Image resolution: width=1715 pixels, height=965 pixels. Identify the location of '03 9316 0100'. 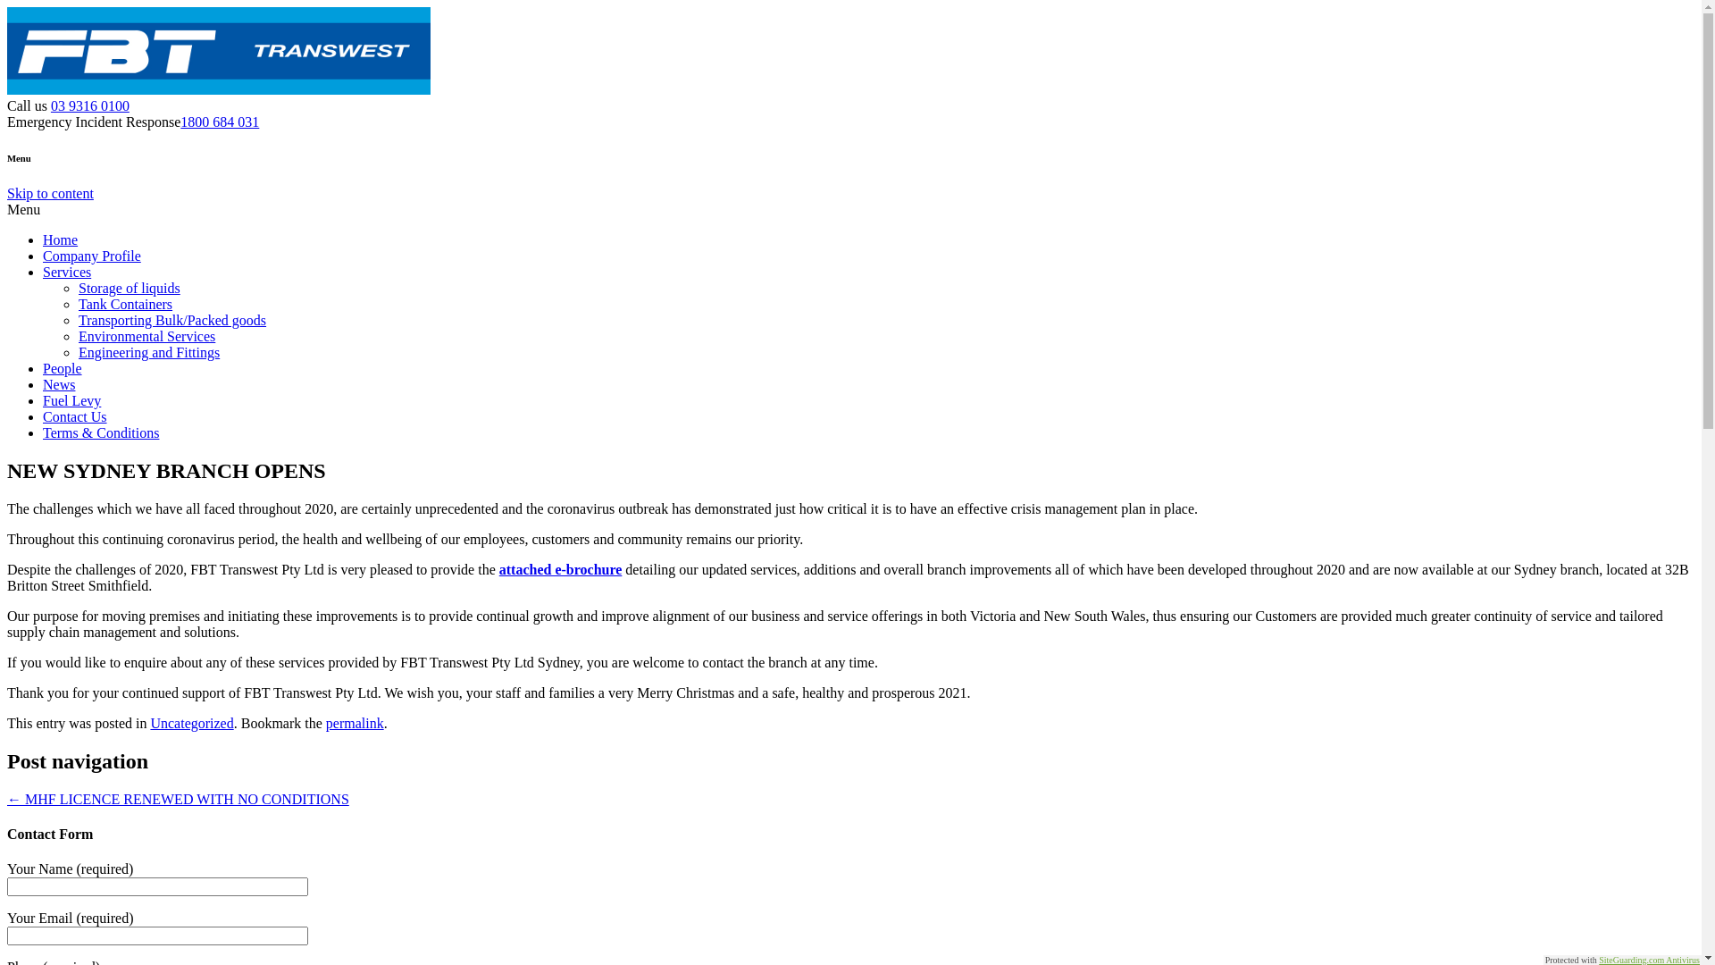
(88, 105).